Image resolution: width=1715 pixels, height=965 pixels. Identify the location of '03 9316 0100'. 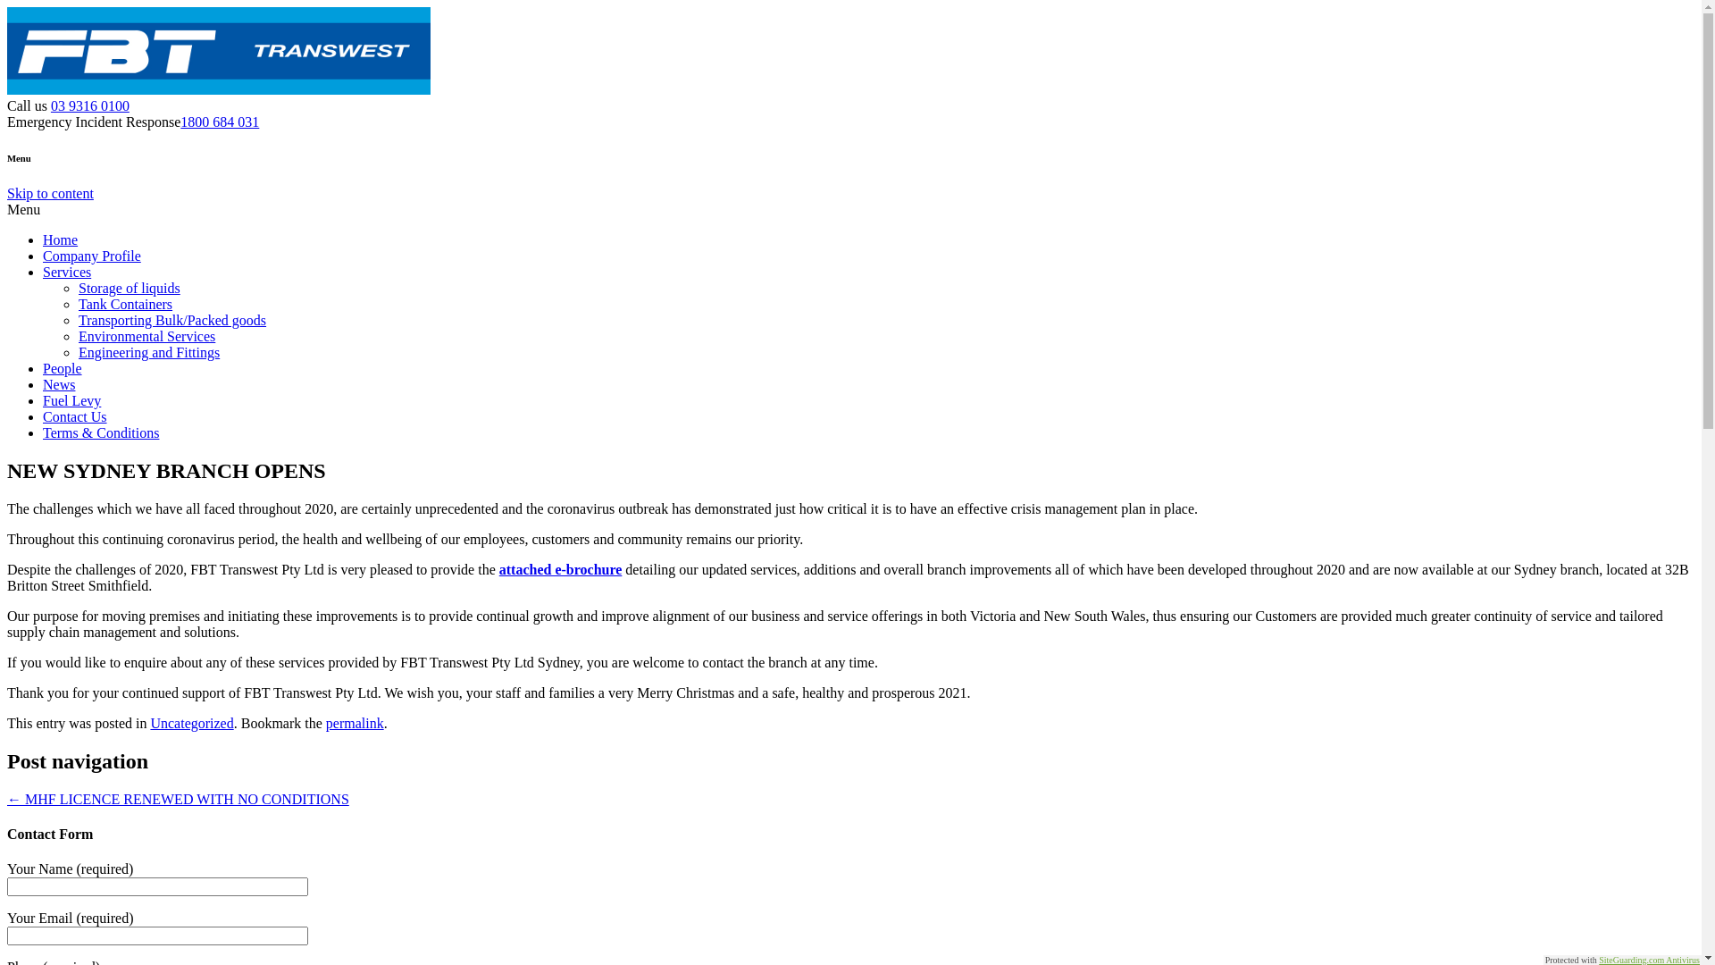
(88, 105).